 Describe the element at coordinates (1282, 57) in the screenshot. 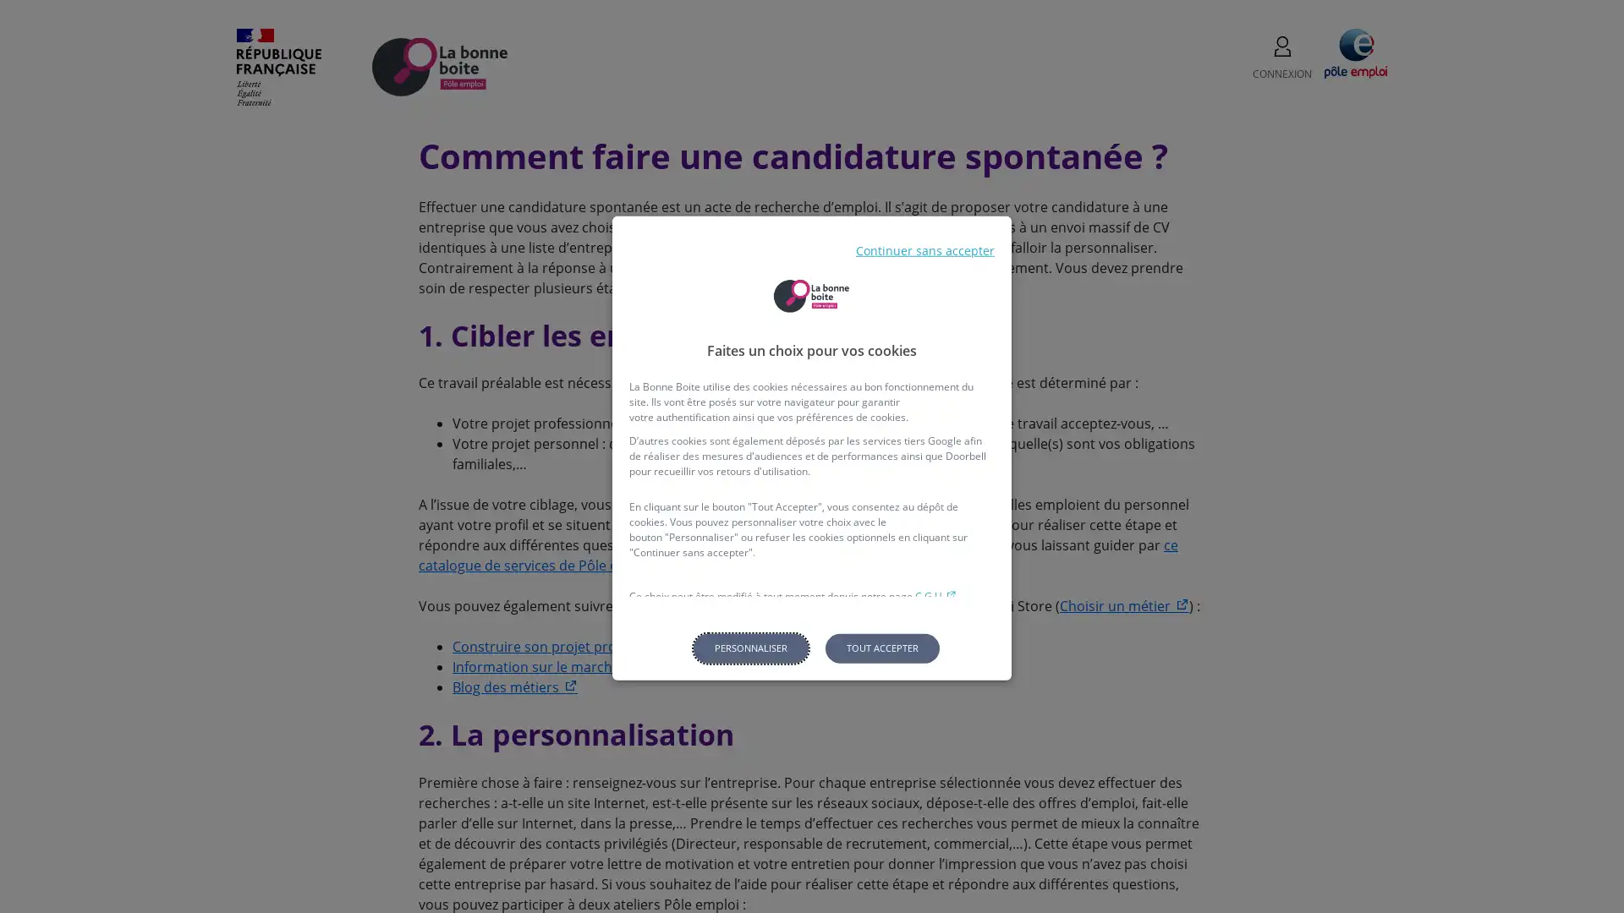

I see `CONNEXION` at that location.